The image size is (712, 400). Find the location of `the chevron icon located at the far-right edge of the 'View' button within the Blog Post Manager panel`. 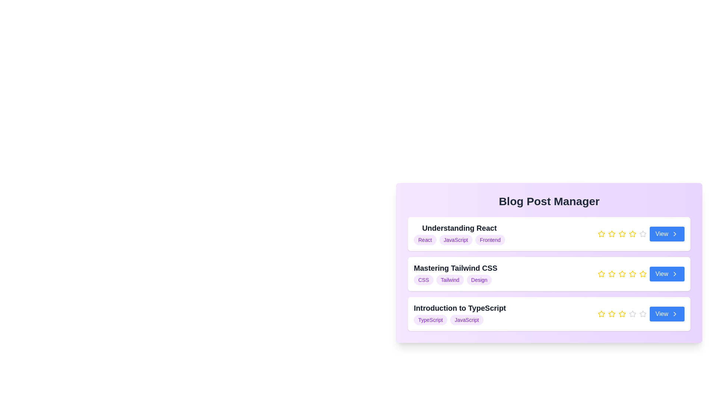

the chevron icon located at the far-right edge of the 'View' button within the Blog Post Manager panel is located at coordinates (675, 274).